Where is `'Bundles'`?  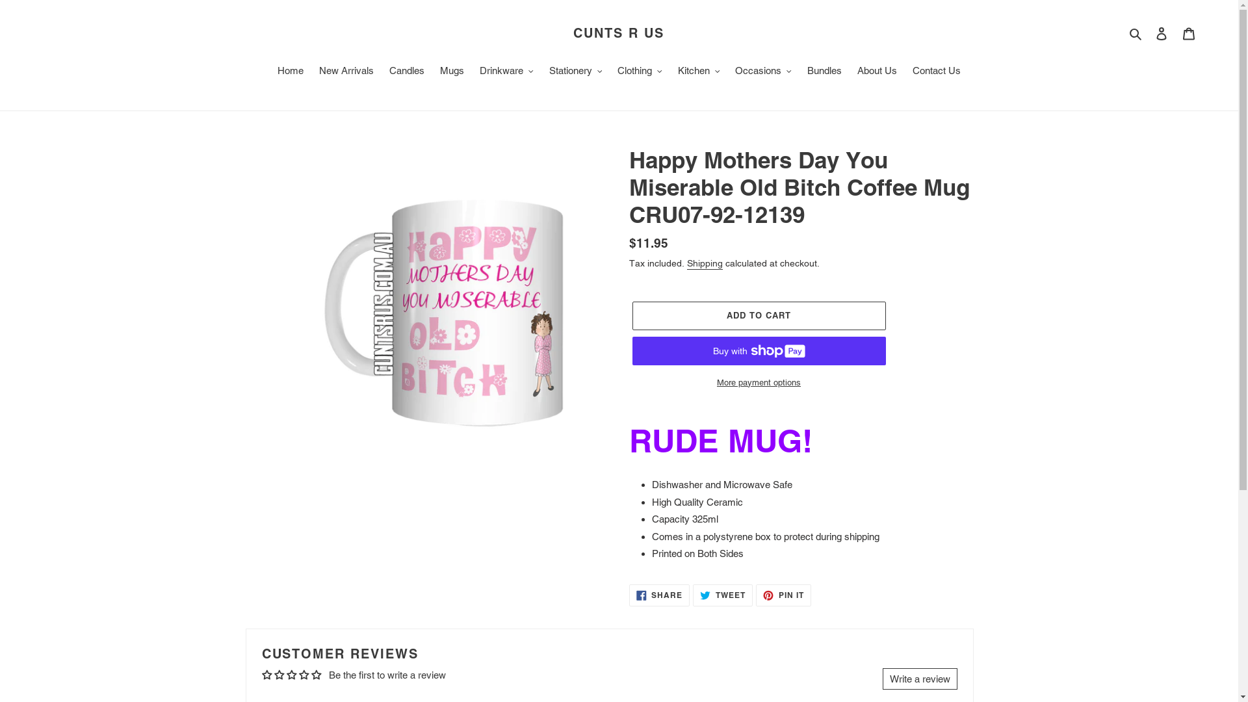 'Bundles' is located at coordinates (800, 72).